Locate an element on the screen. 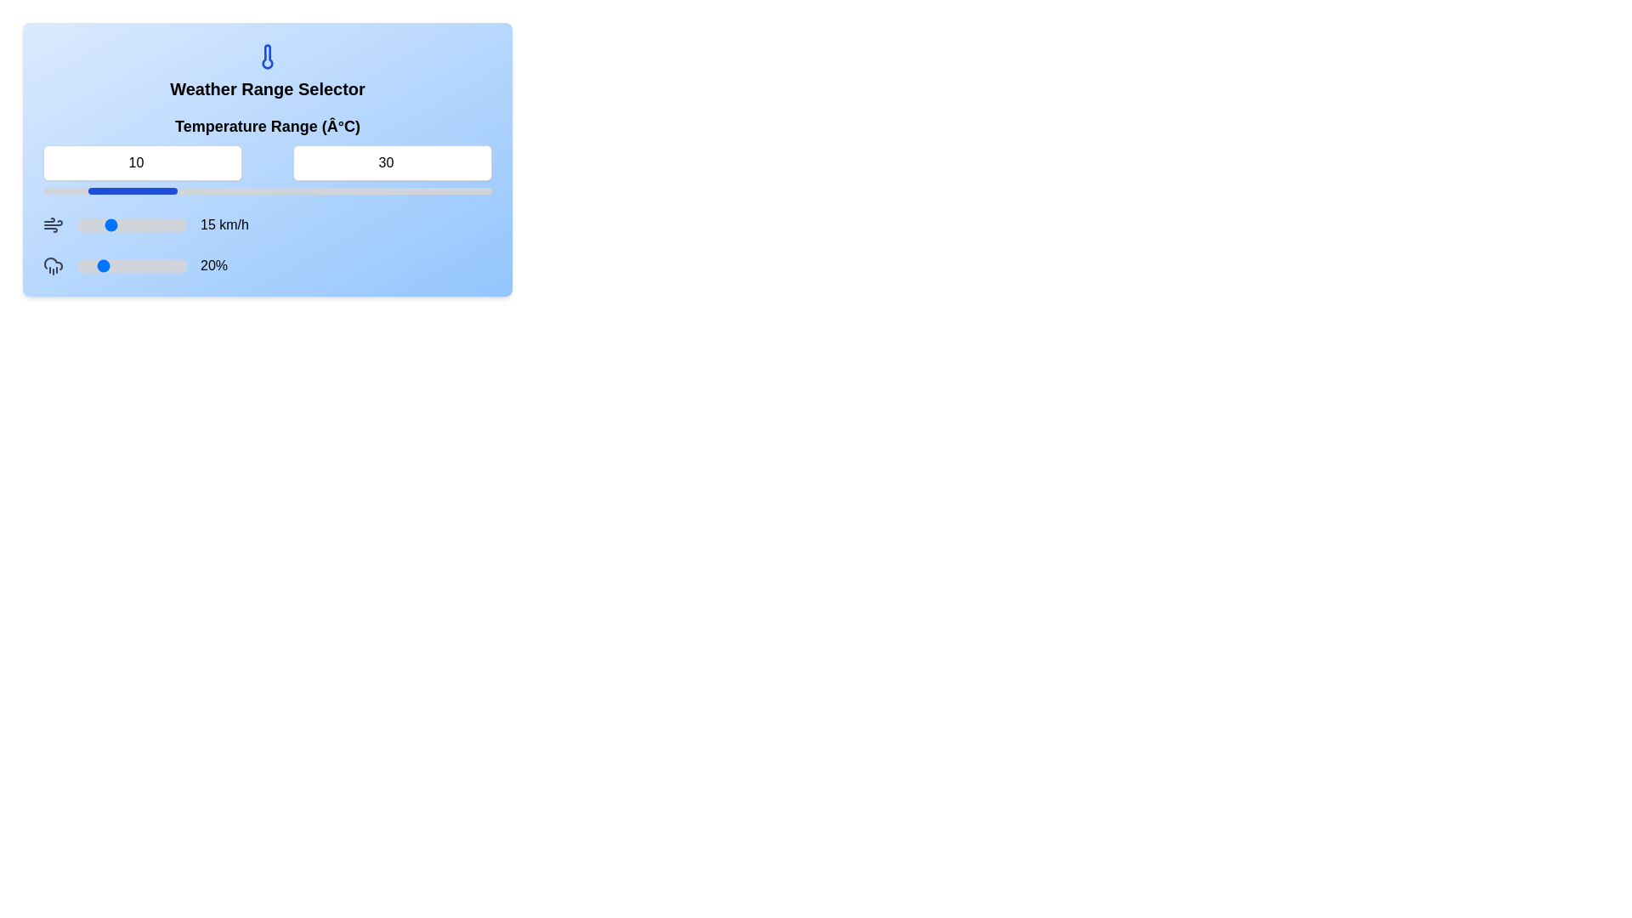  the Numeric Input Field displaying '30' is located at coordinates (391, 163).